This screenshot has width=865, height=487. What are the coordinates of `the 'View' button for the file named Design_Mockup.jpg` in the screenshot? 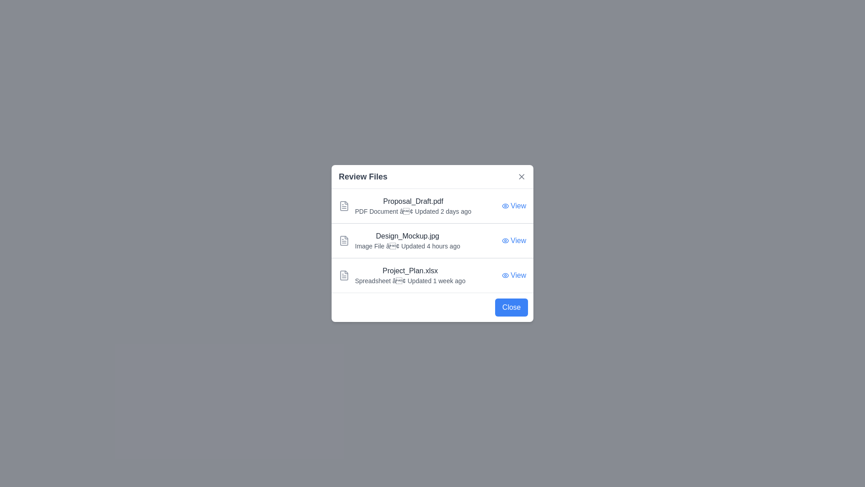 It's located at (514, 240).